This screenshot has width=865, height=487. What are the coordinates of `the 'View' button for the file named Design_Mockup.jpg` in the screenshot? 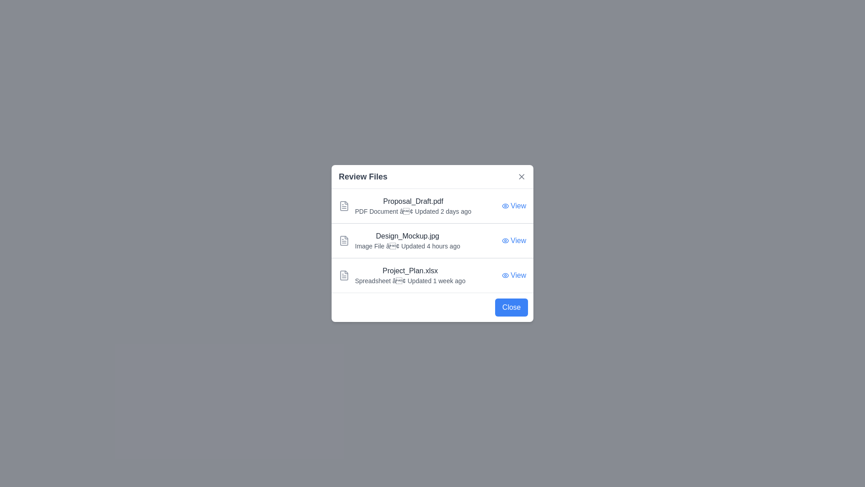 It's located at (514, 240).